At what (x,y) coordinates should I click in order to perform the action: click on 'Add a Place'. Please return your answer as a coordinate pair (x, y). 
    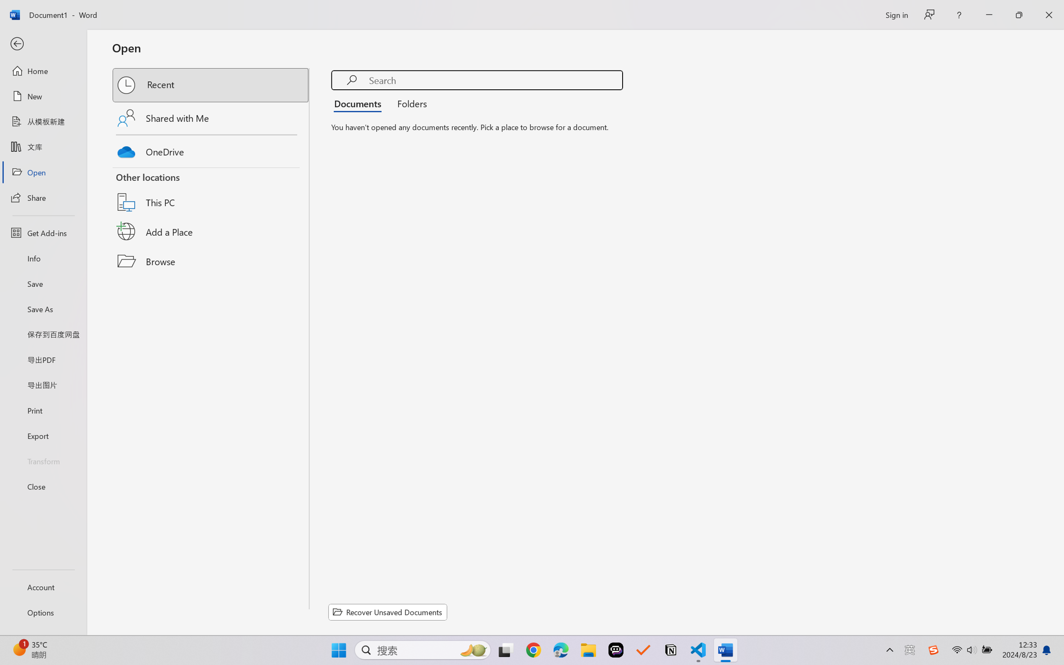
    Looking at the image, I should click on (211, 231).